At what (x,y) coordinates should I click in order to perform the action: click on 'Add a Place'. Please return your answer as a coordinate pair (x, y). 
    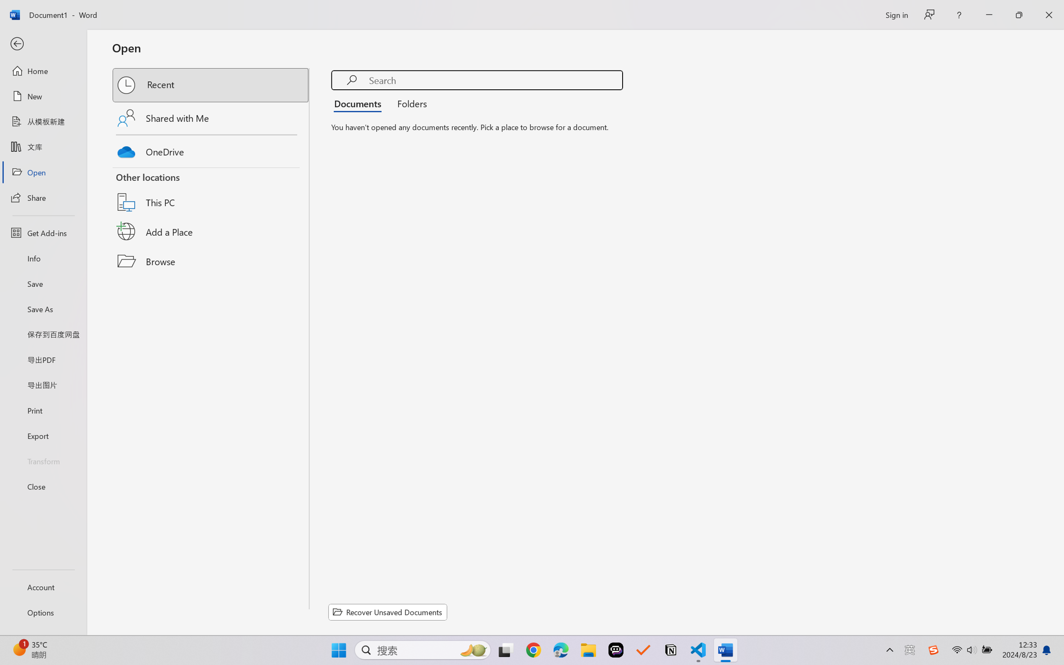
    Looking at the image, I should click on (211, 231).